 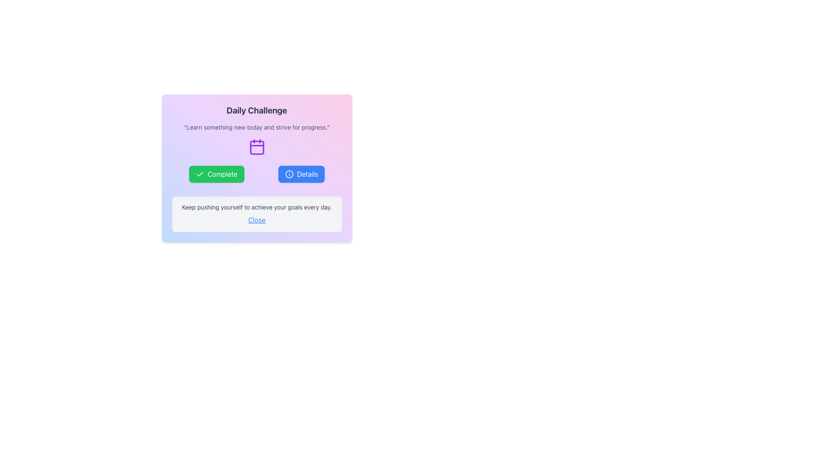 What do you see at coordinates (216, 173) in the screenshot?
I see `the button located in the central bottom section of the modal, to the left of the 'Details' button, to mark the task as completed` at bounding box center [216, 173].